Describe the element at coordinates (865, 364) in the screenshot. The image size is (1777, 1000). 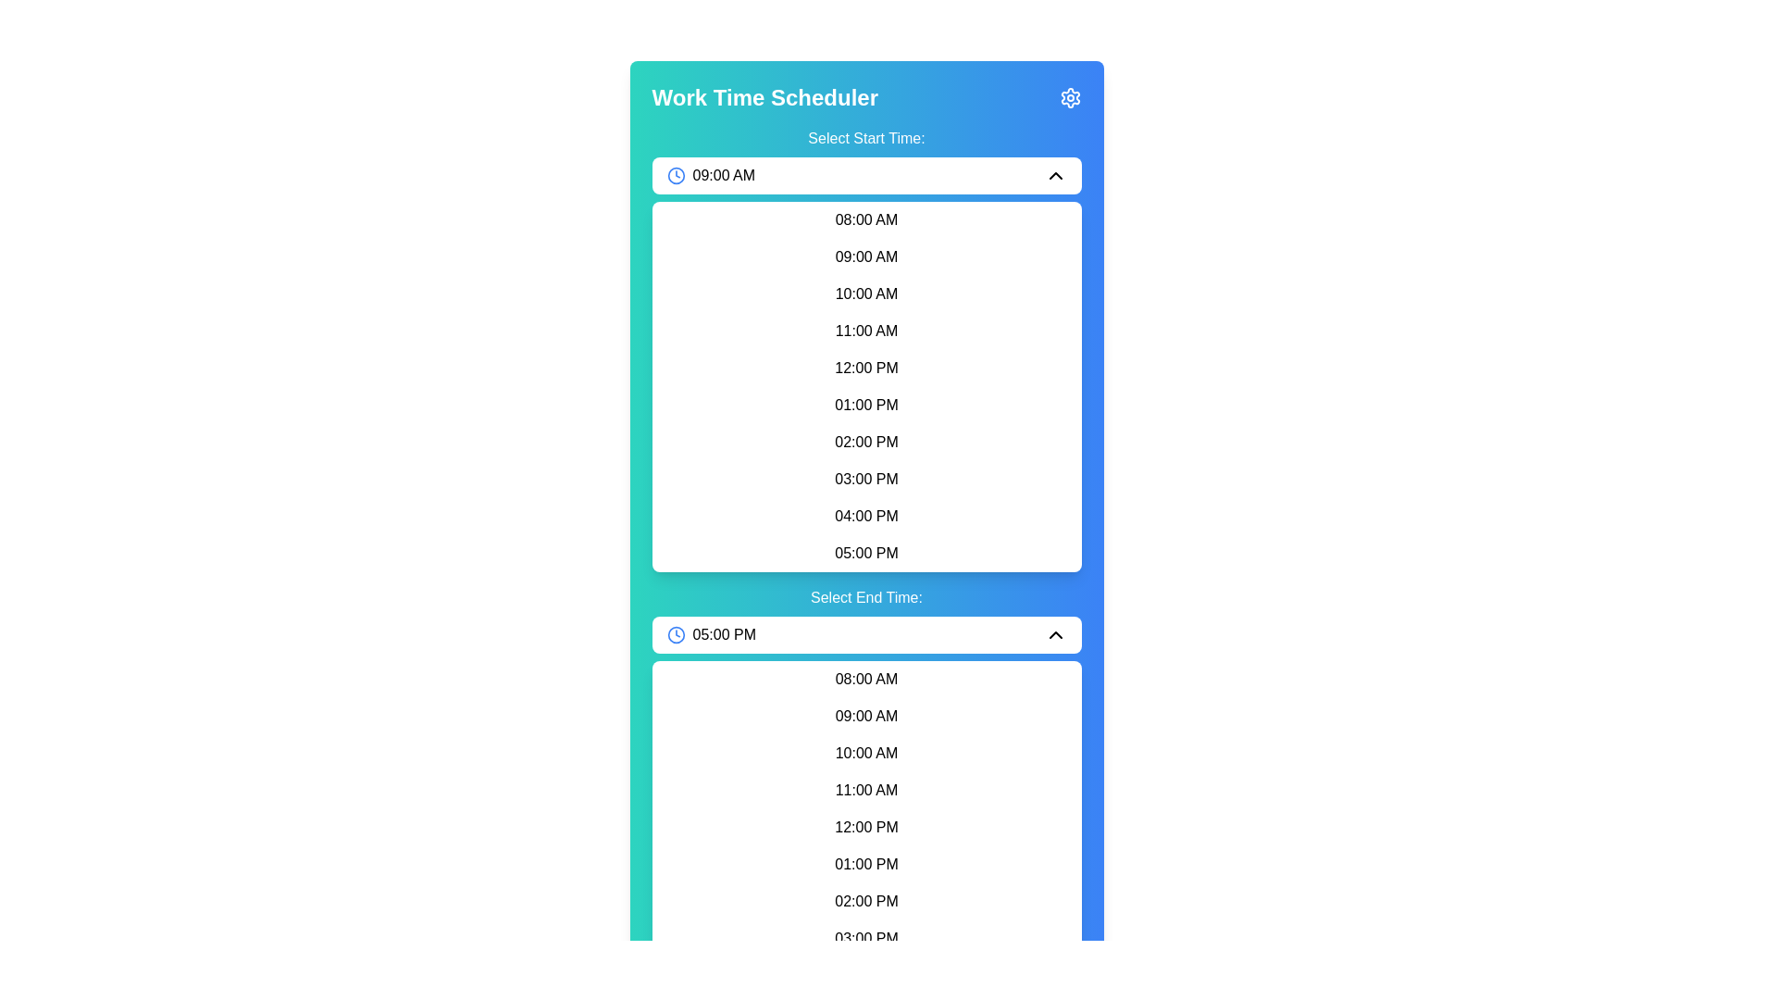
I see `the fifth selectable time slot in the time picker dropdown under 'Select Start Time:' section in the 'Work Time Scheduler'` at that location.